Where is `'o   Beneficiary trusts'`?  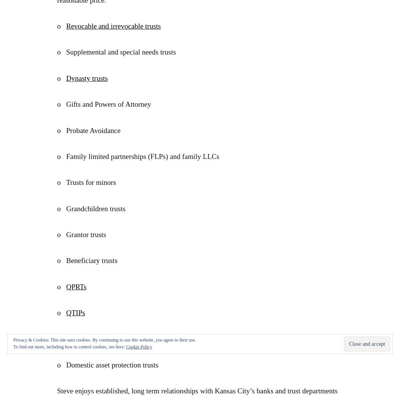 'o   Beneficiary trusts' is located at coordinates (87, 260).